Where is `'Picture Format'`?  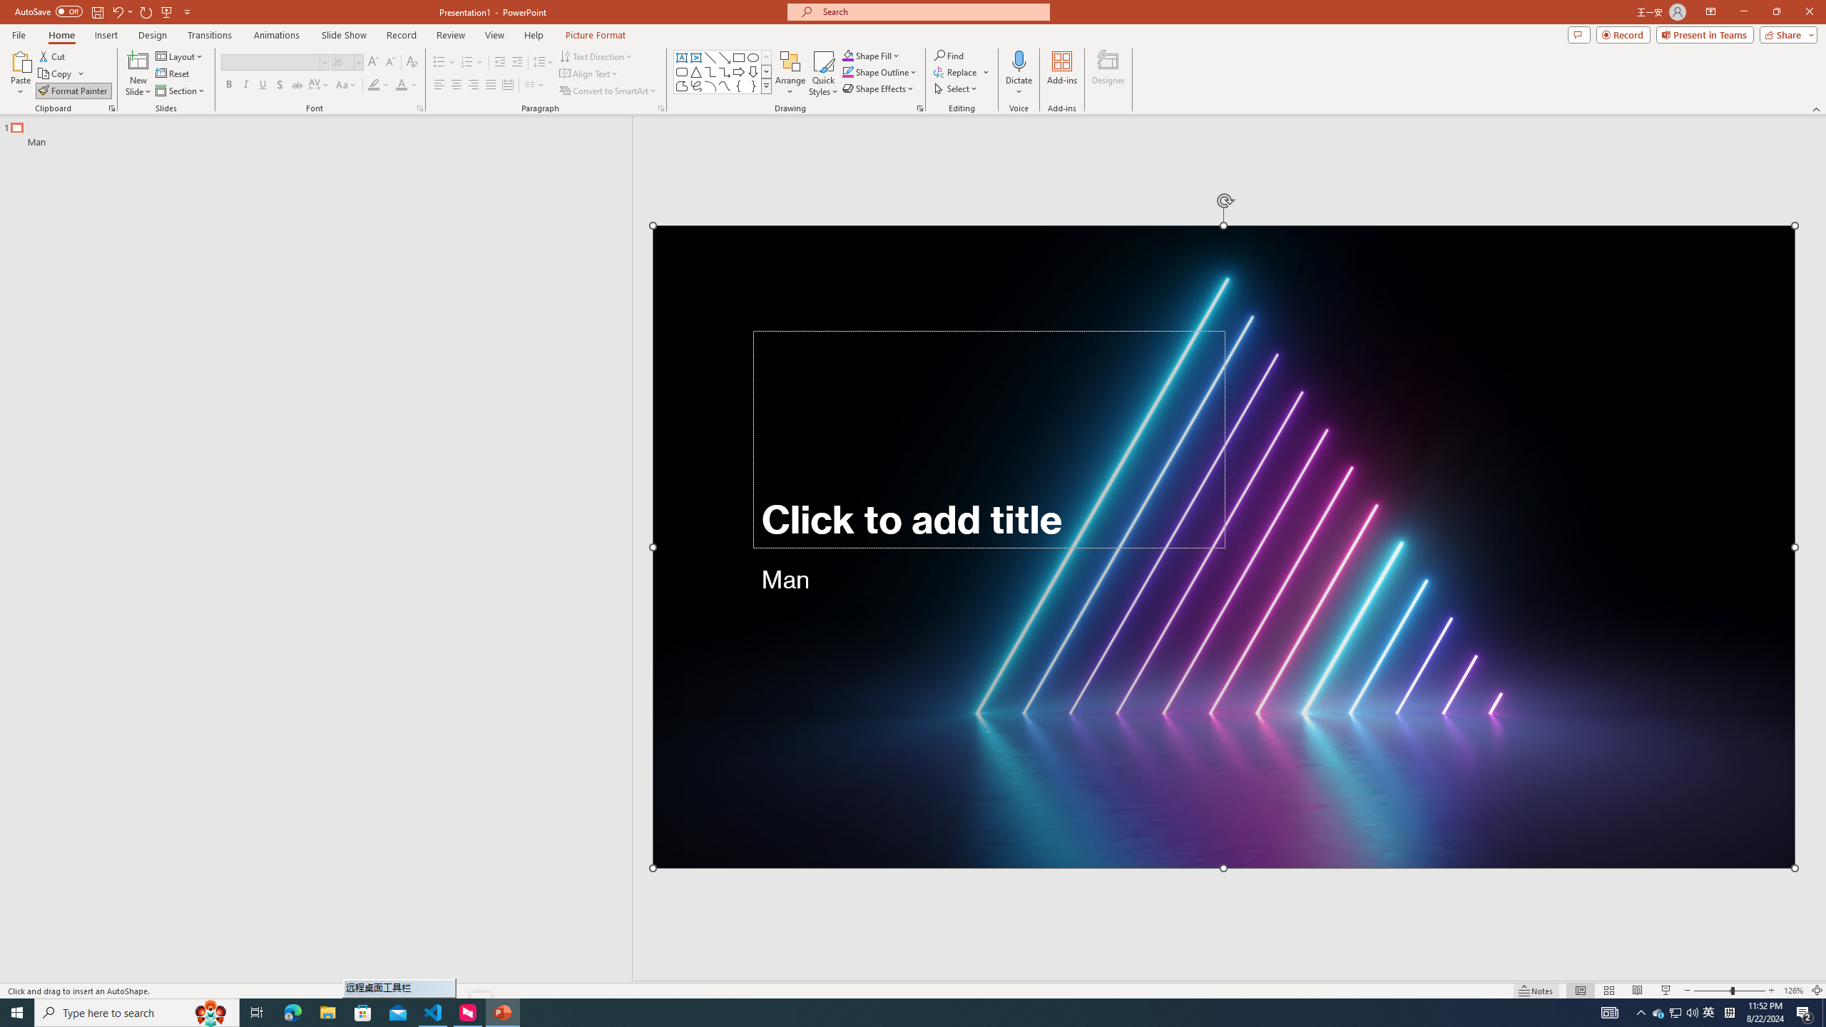 'Picture Format' is located at coordinates (596, 35).